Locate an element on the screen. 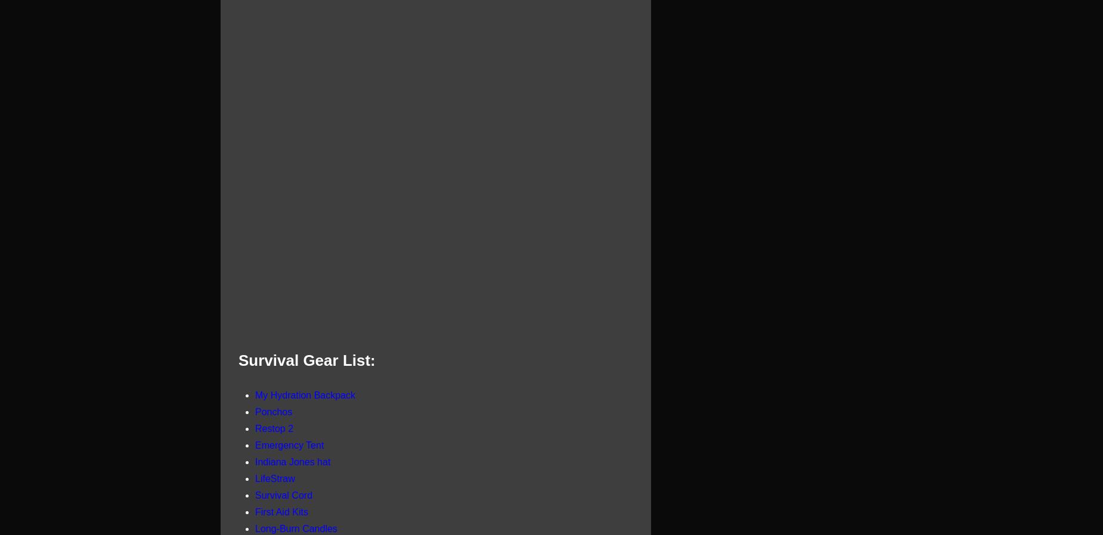 This screenshot has width=1103, height=535. 'Restop 2' is located at coordinates (273, 428).